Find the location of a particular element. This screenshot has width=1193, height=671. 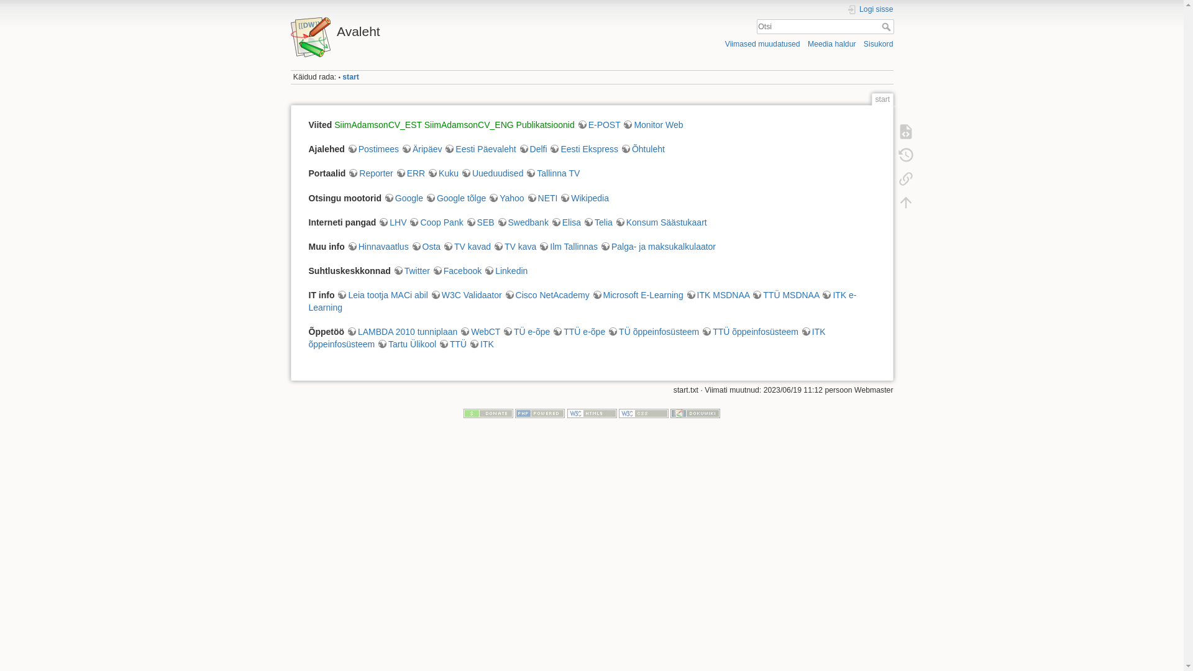

'Delfi' is located at coordinates (533, 148).